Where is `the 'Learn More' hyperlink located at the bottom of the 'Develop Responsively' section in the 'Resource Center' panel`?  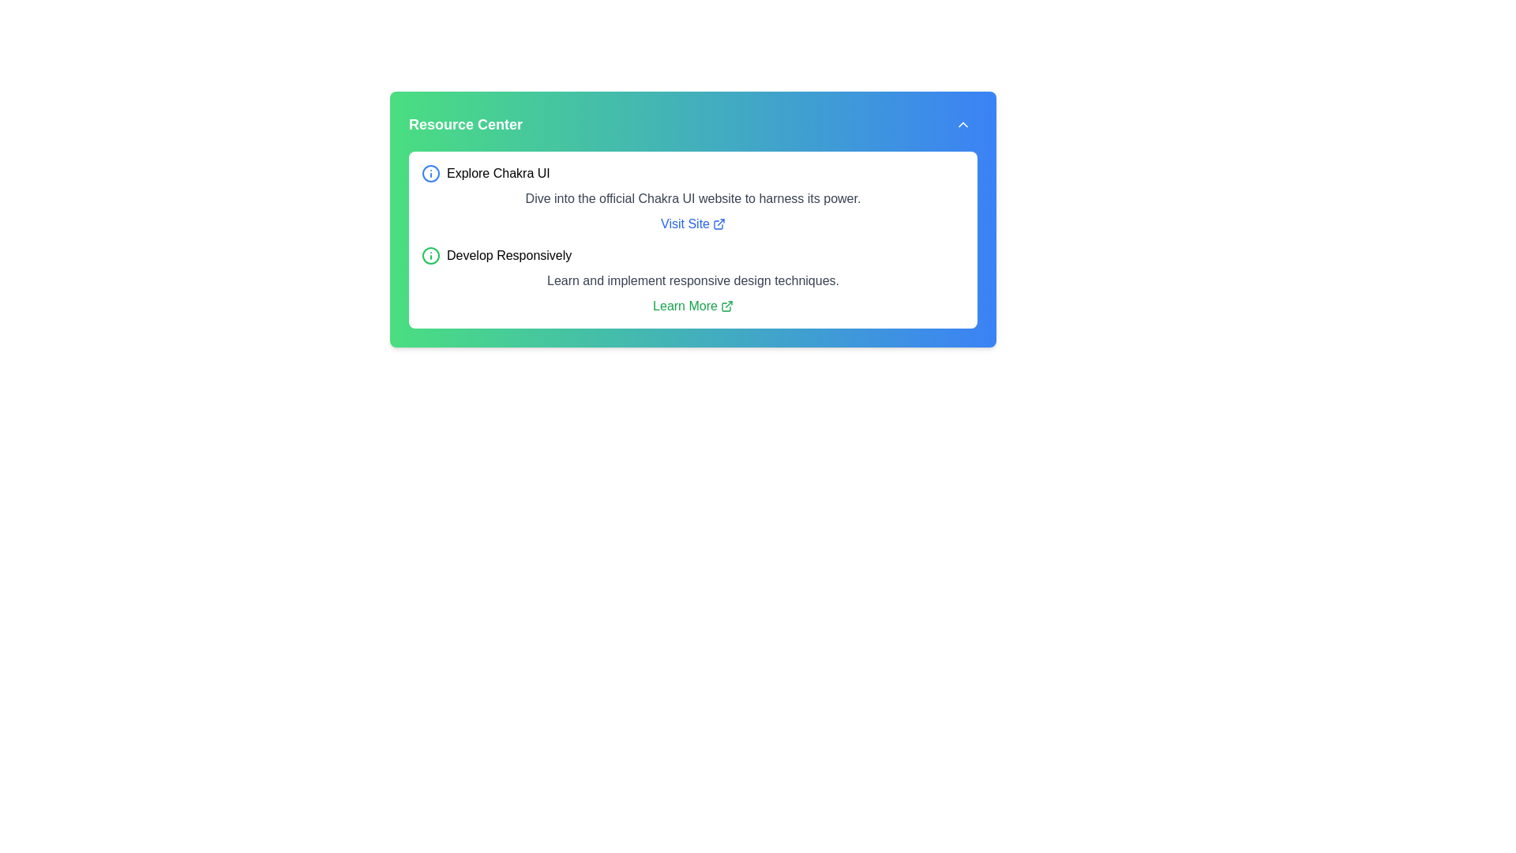 the 'Learn More' hyperlink located at the bottom of the 'Develop Responsively' section in the 'Resource Center' panel is located at coordinates (693, 306).